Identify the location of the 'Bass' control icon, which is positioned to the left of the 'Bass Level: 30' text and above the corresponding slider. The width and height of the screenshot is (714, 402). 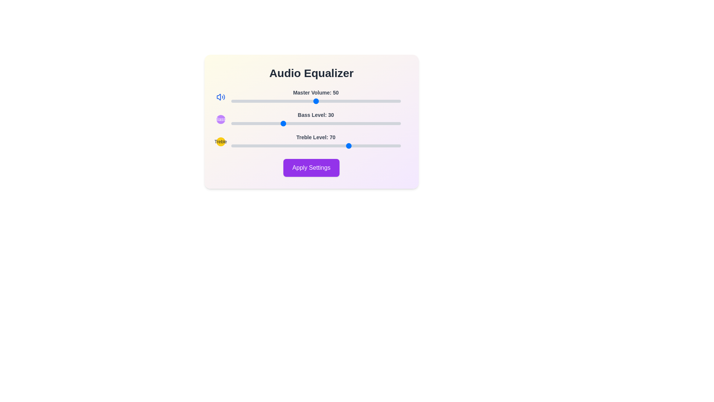
(220, 119).